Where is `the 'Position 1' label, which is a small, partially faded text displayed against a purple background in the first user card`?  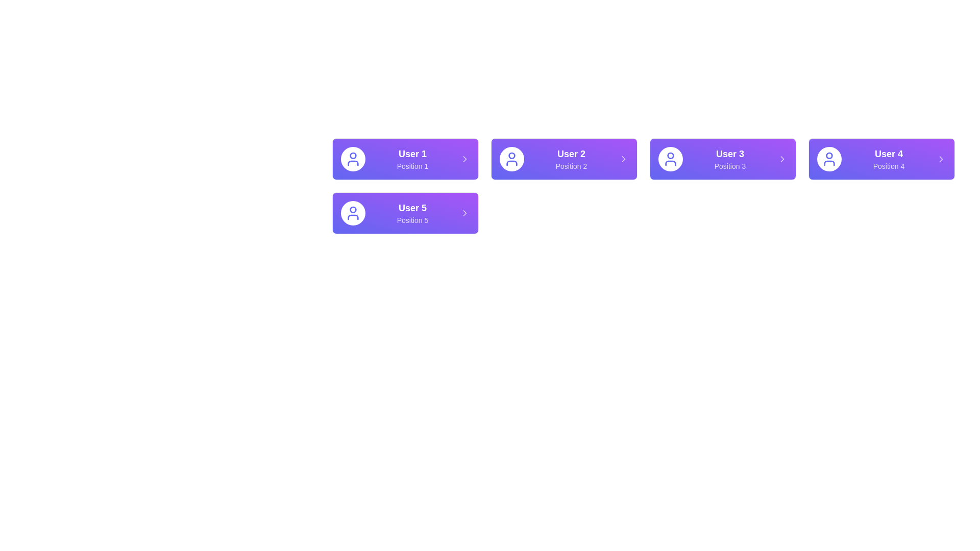
the 'Position 1' label, which is a small, partially faded text displayed against a purple background in the first user card is located at coordinates (412, 166).